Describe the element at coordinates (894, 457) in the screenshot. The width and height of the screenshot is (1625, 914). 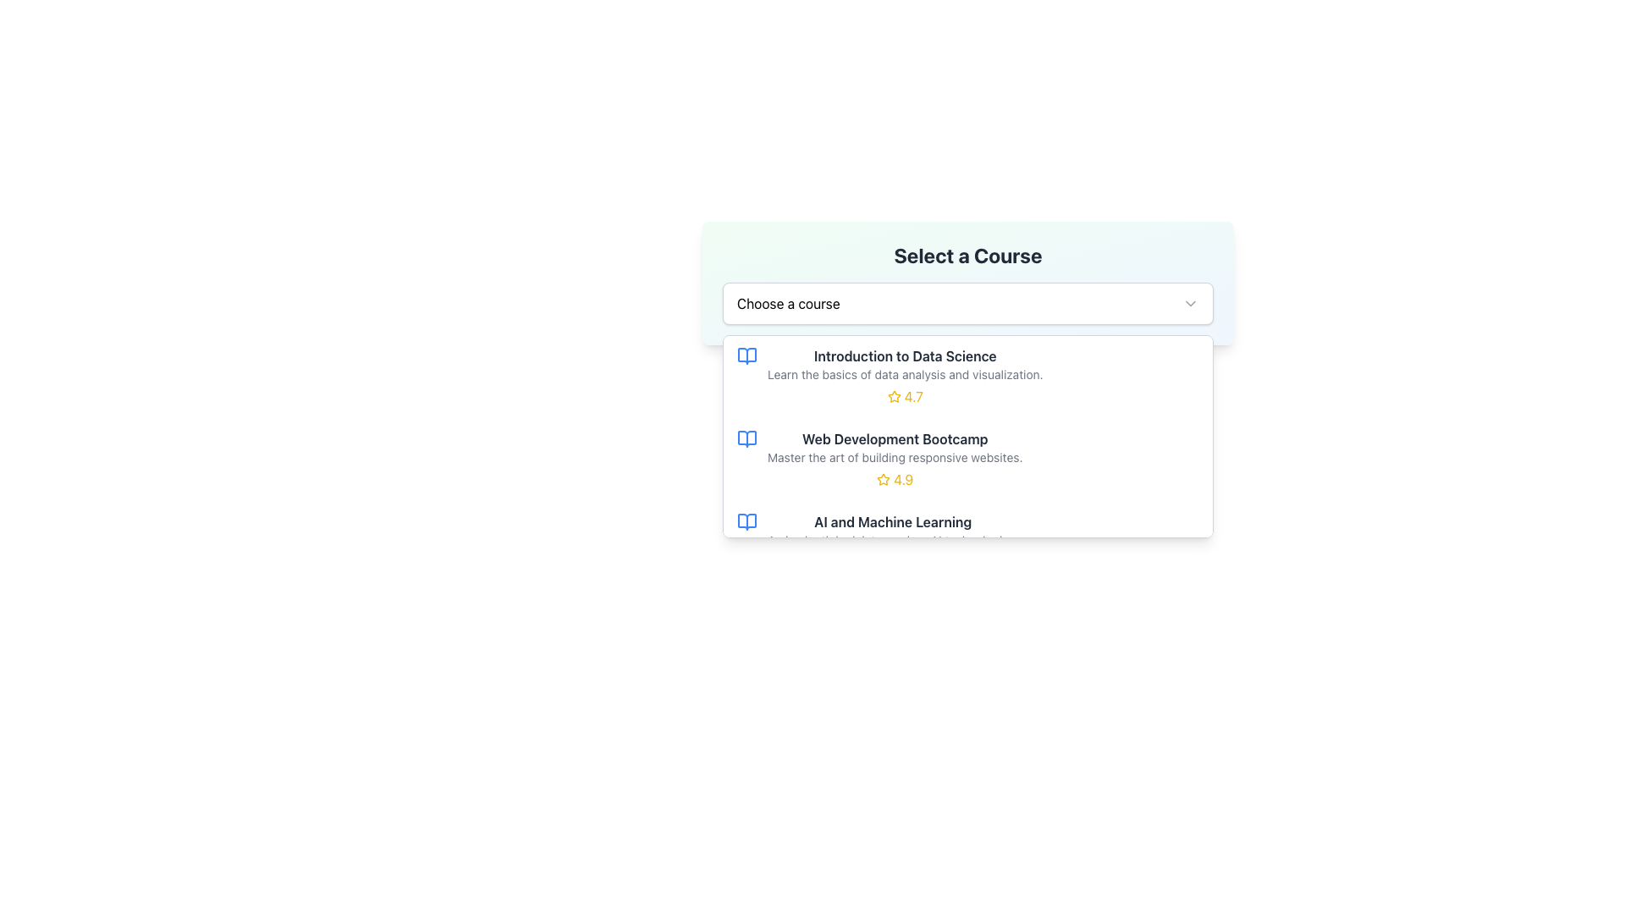
I see `the Text Label that provides a brief description for the 'Web Development Bootcamp' course, located below the course title and above the star rating` at that location.